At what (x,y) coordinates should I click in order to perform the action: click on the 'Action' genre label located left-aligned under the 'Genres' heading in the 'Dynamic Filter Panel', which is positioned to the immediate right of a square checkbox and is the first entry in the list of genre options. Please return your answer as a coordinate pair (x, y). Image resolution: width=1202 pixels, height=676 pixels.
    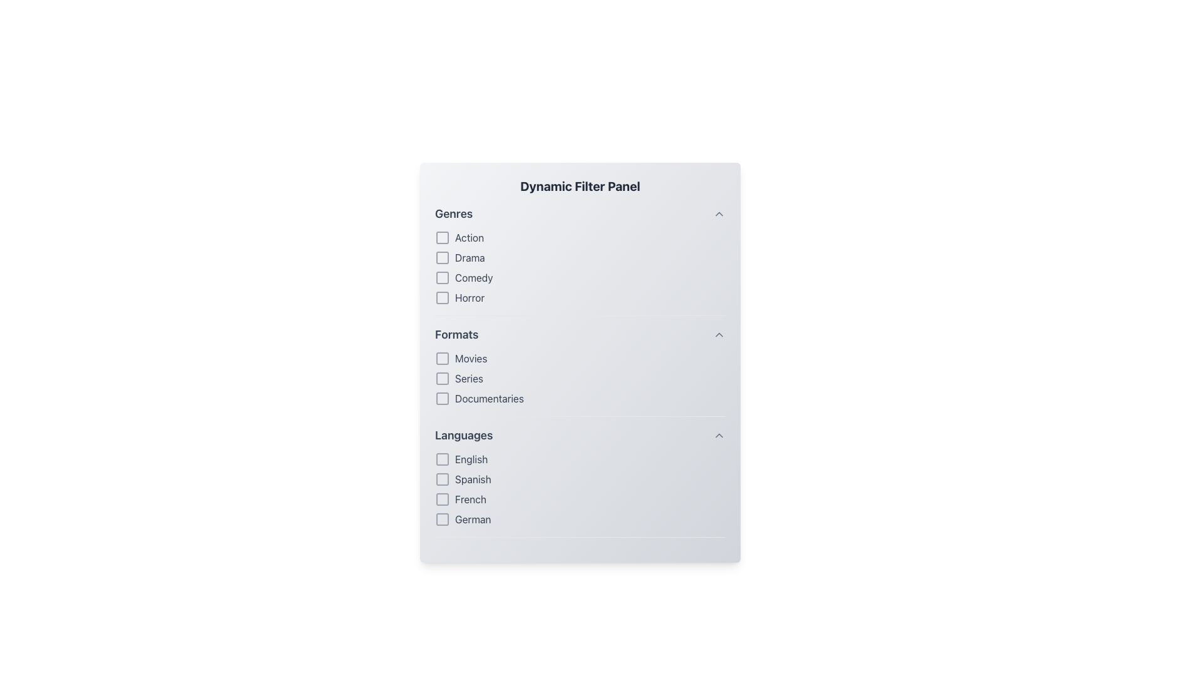
    Looking at the image, I should click on (468, 238).